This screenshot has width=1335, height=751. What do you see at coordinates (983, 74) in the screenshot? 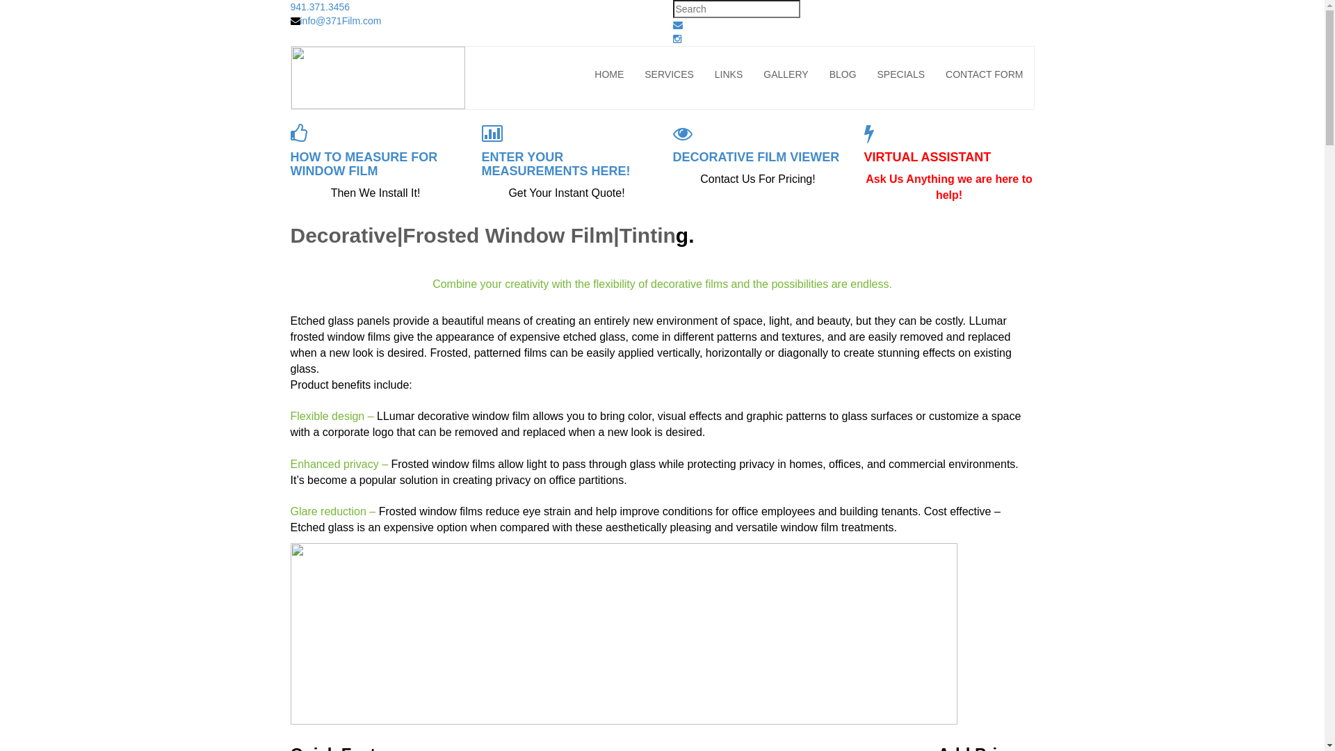
I see `'CONTACT FORM'` at bounding box center [983, 74].